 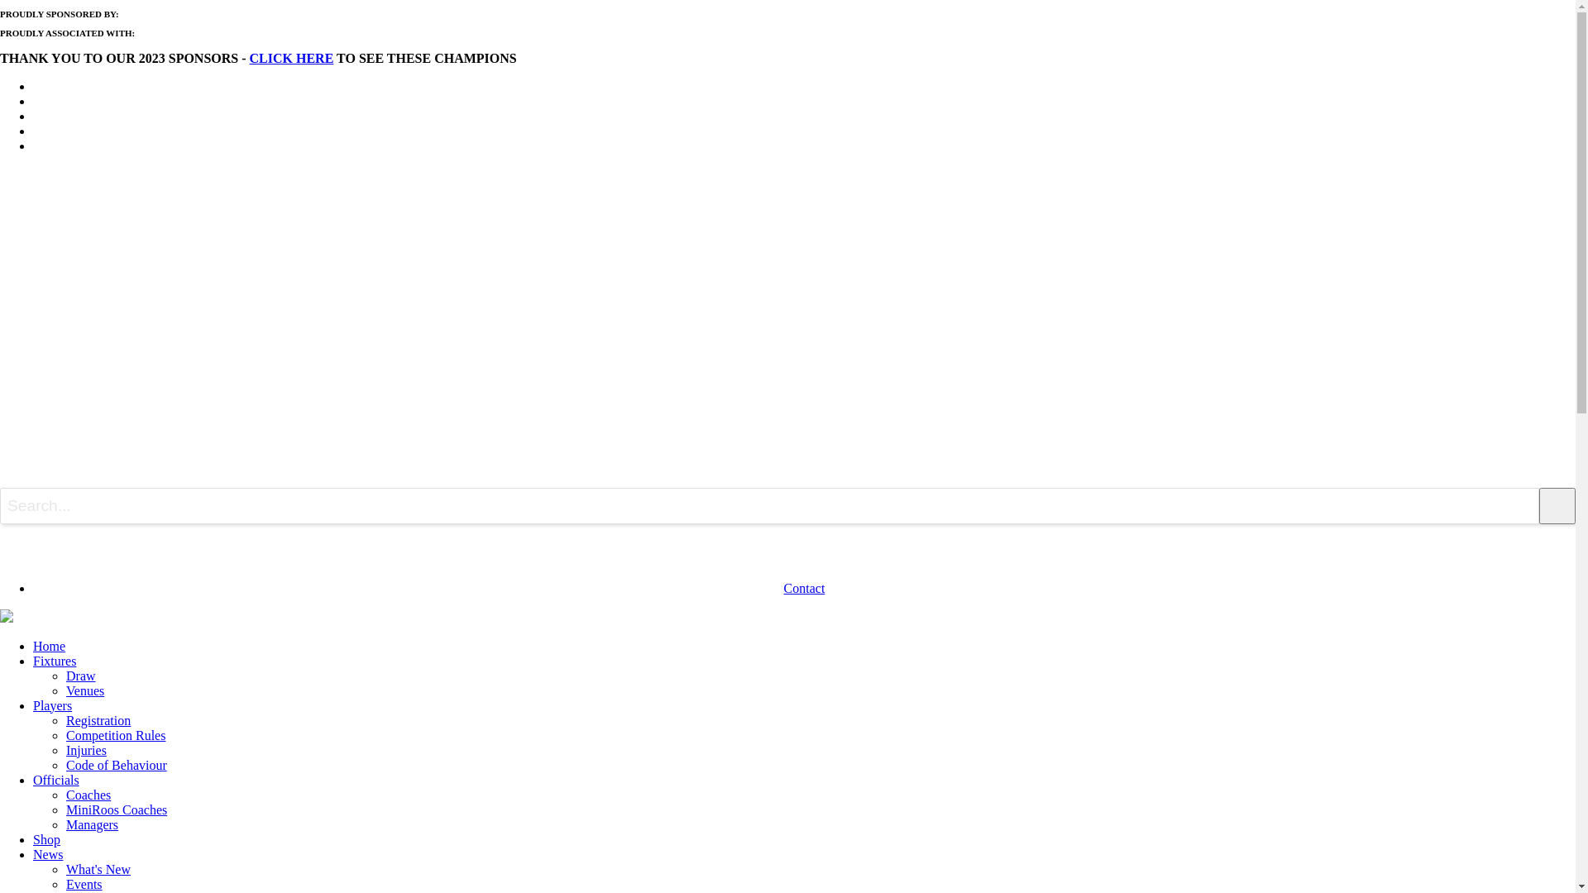 I want to click on 'Home', so click(x=32, y=645).